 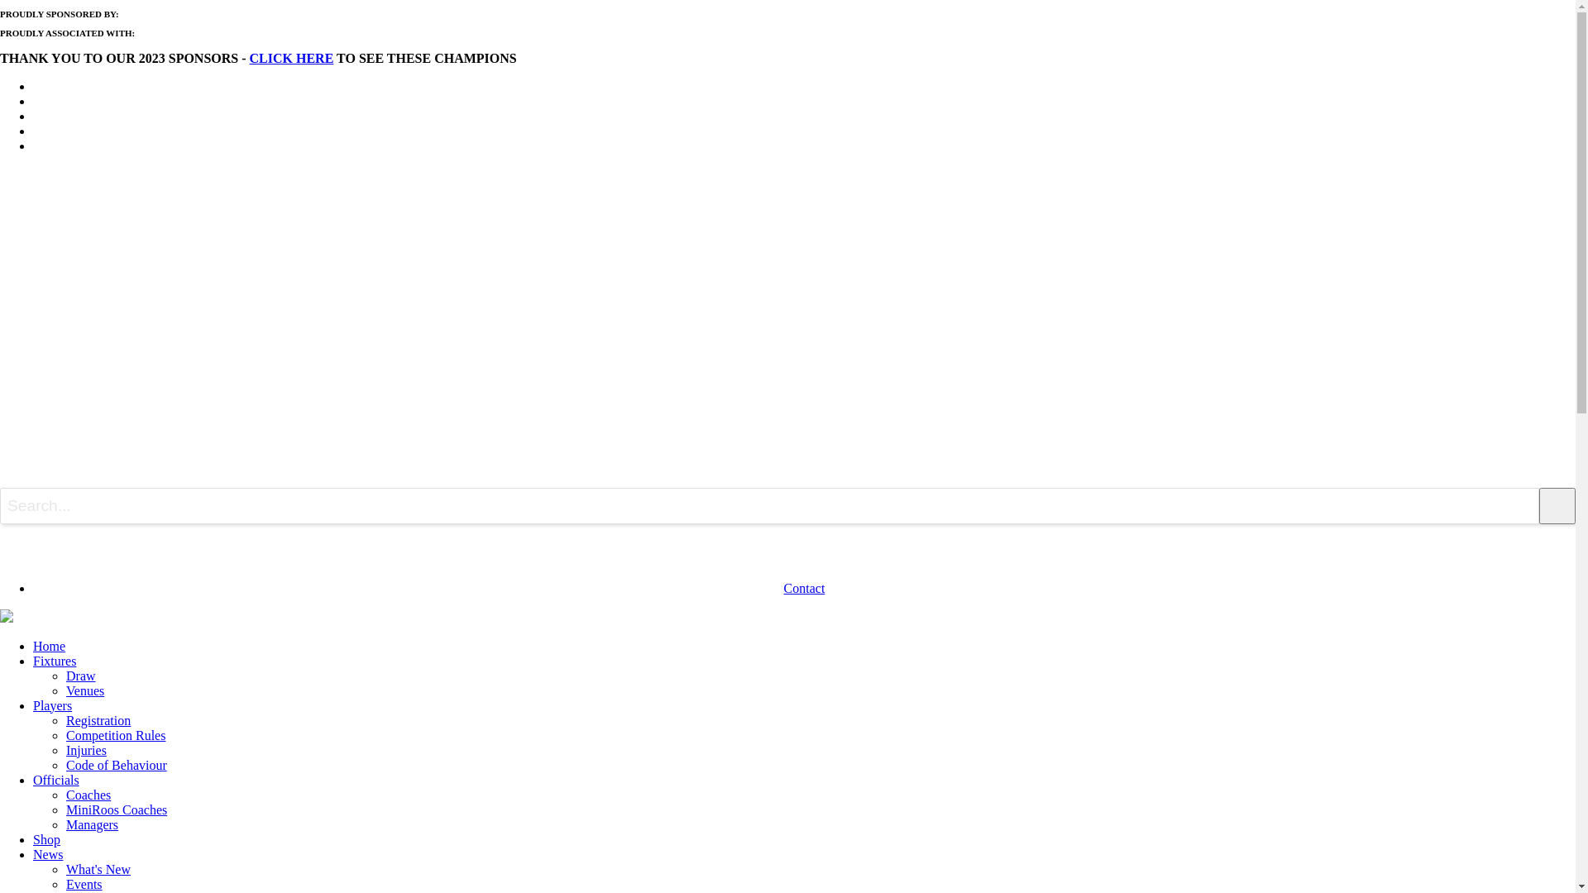 I want to click on 'Home', so click(x=32, y=645).